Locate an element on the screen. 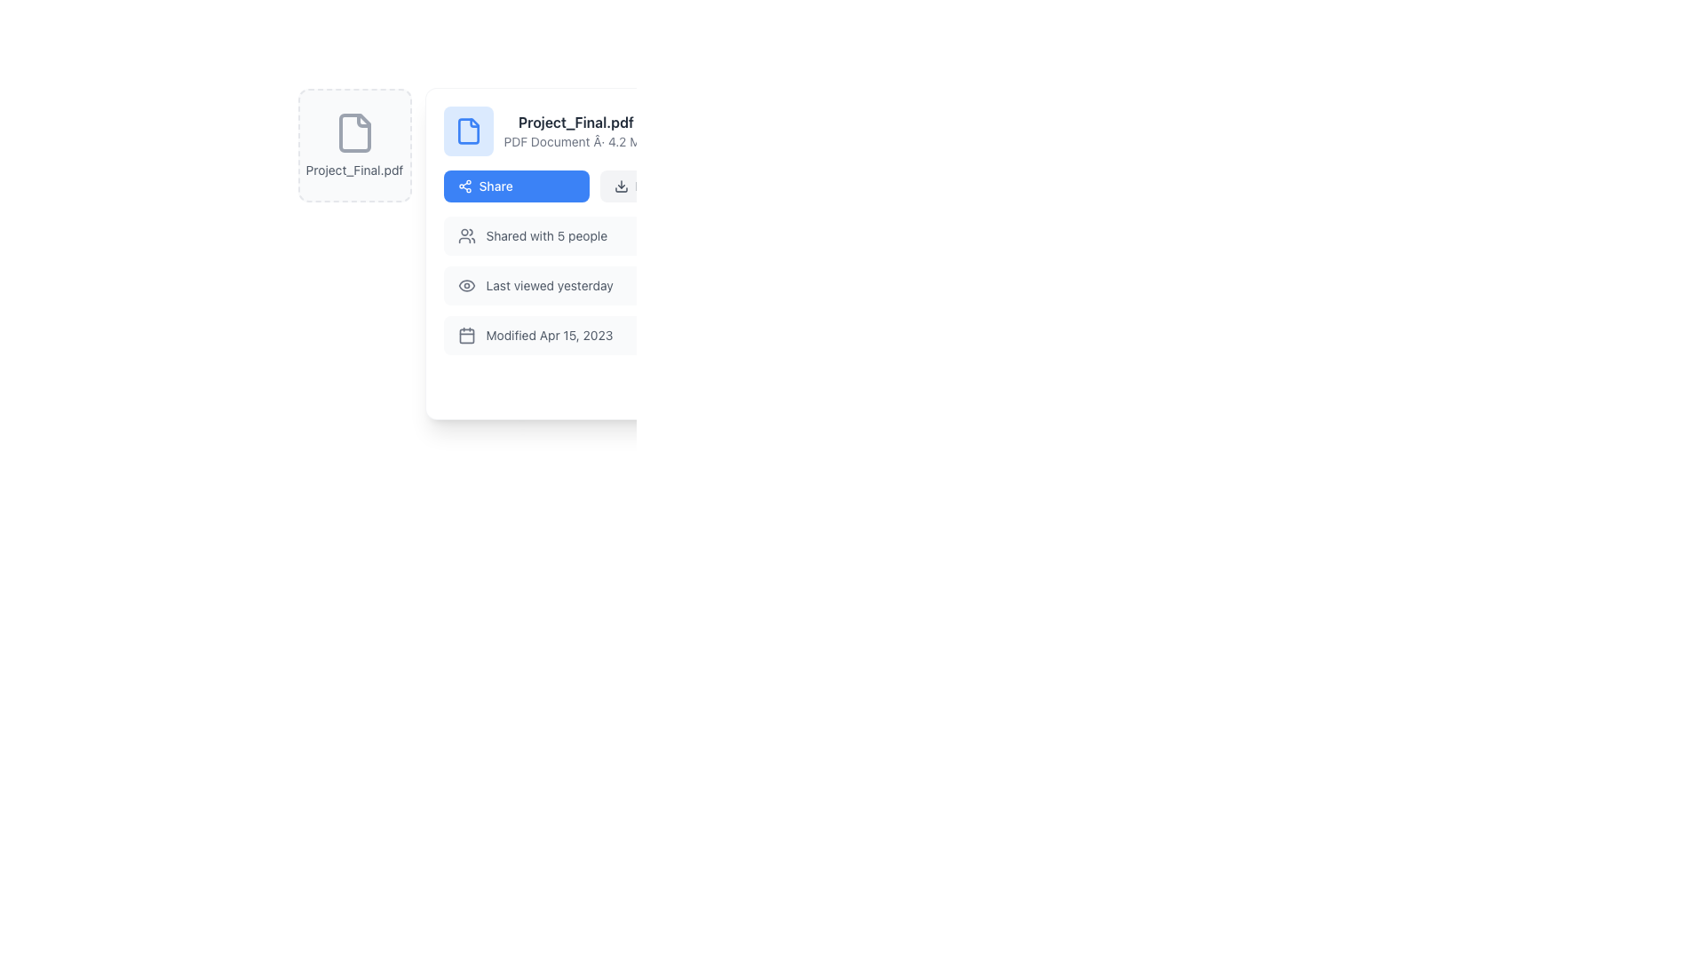 The width and height of the screenshot is (1705, 959). the document icon labeled 'Project_Final.pdf' which is outlined in light gray and turns blue when hovered over is located at coordinates (354, 132).